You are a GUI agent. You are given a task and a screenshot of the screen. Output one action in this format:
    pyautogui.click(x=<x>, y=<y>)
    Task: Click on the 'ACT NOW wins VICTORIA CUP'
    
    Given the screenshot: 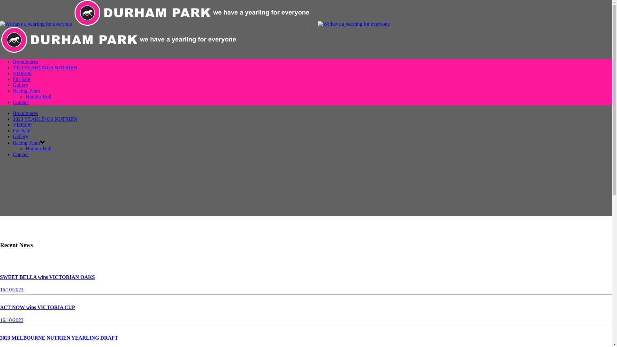 What is the action you would take?
    pyautogui.click(x=37, y=307)
    